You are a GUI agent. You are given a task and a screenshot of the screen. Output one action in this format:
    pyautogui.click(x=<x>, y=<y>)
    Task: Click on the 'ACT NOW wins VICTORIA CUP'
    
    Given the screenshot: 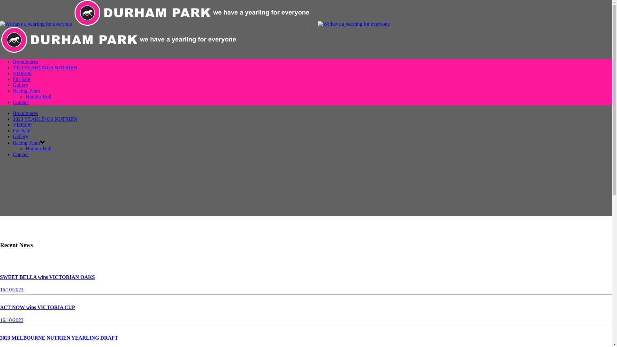 What is the action you would take?
    pyautogui.click(x=37, y=307)
    